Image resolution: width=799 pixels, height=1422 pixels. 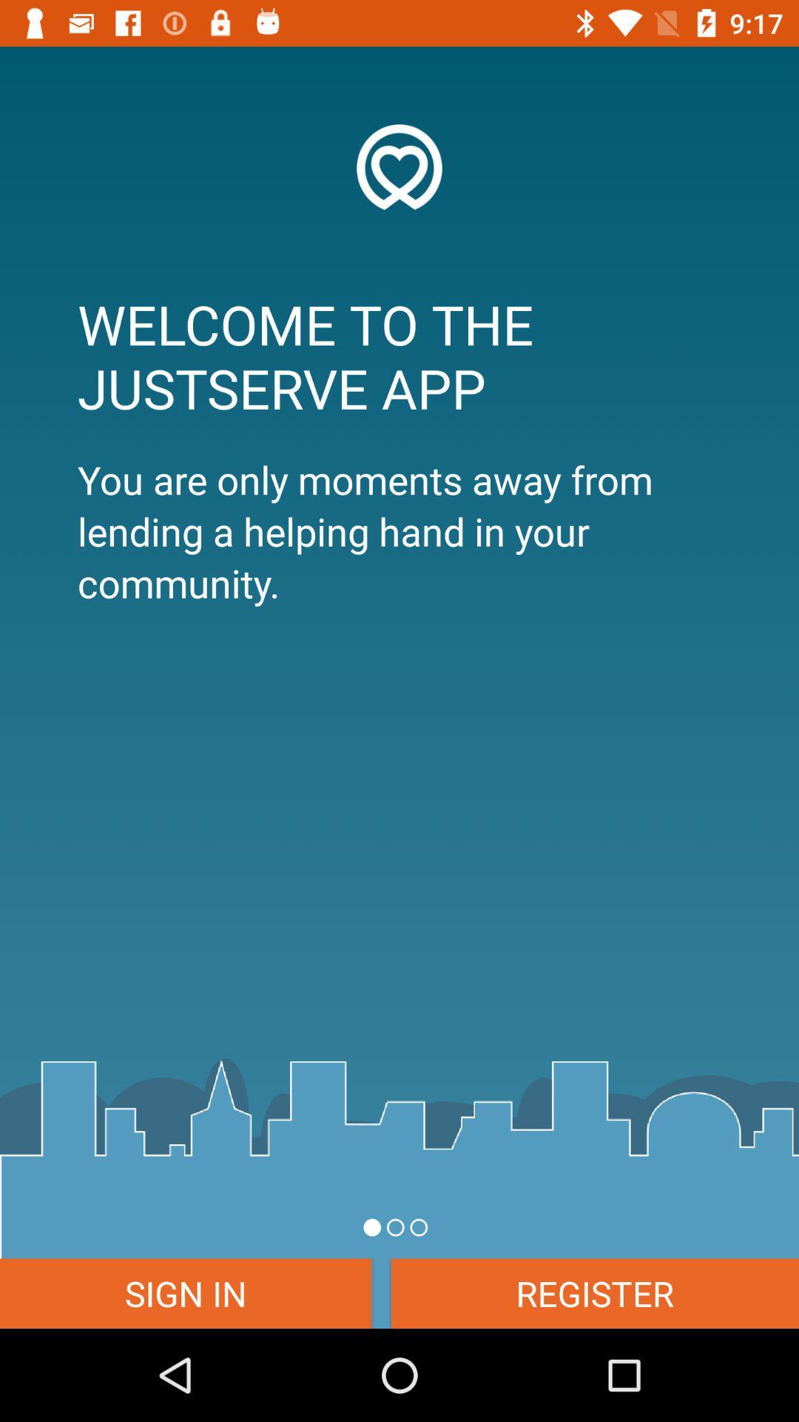 What do you see at coordinates (185, 1292) in the screenshot?
I see `icon next to register item` at bounding box center [185, 1292].